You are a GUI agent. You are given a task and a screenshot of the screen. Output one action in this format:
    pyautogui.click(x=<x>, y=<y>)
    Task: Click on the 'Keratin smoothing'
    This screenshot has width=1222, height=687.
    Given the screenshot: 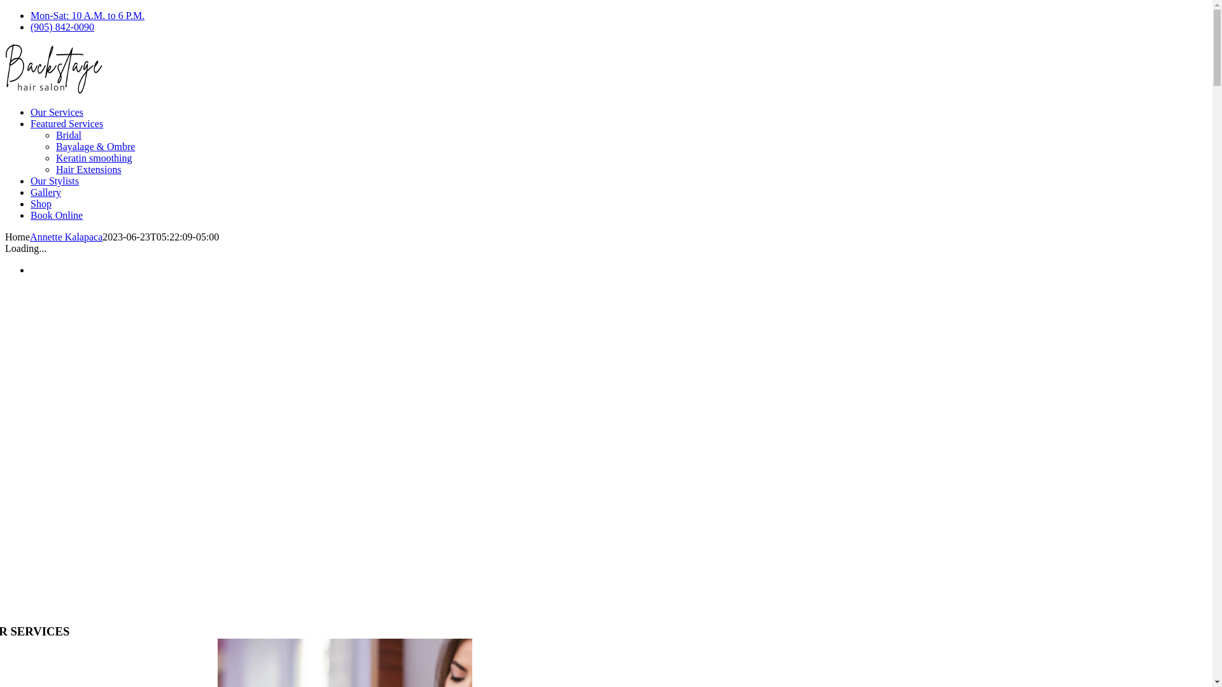 What is the action you would take?
    pyautogui.click(x=55, y=157)
    